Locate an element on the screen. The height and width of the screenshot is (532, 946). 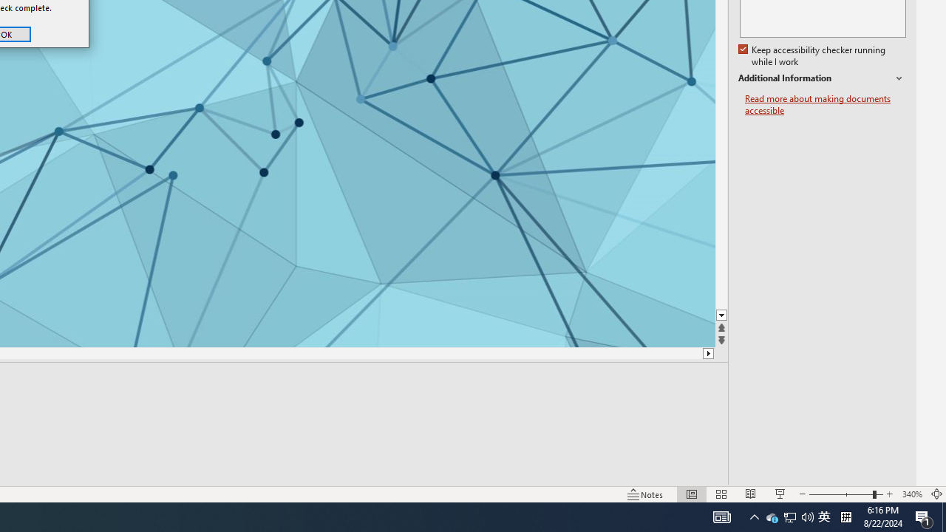
'Zoom 340%' is located at coordinates (911, 494).